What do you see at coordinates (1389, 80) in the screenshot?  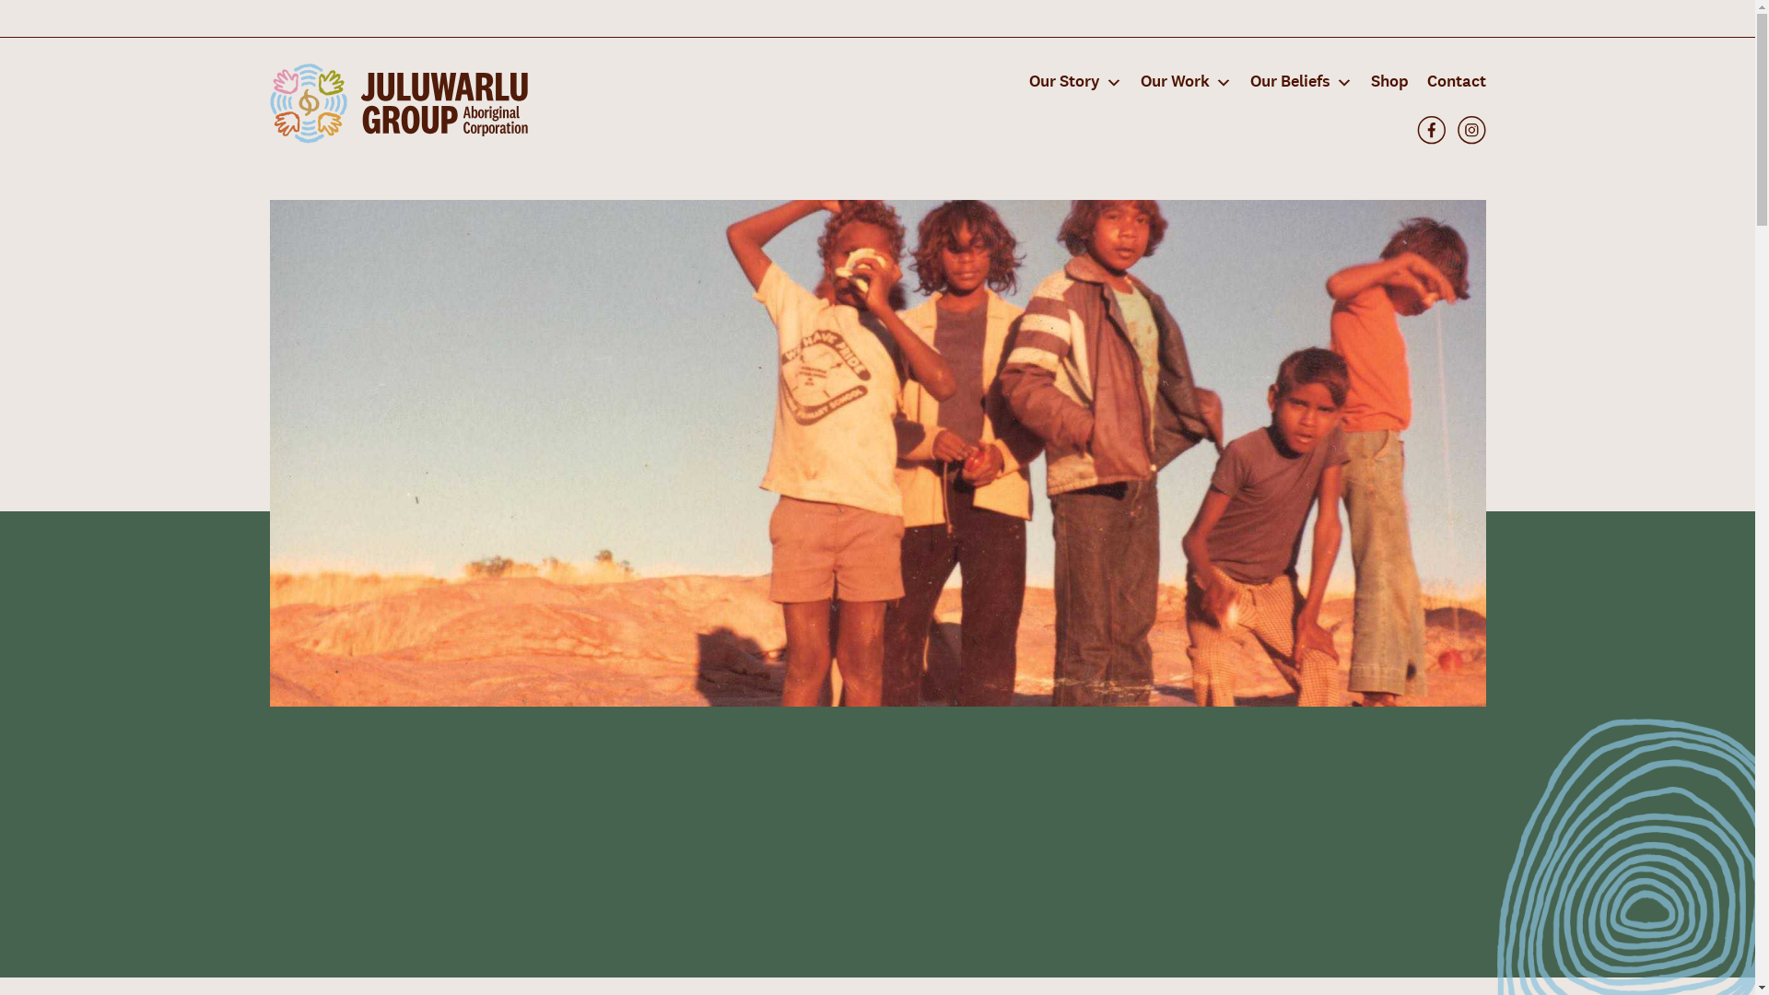 I see `'Shop'` at bounding box center [1389, 80].